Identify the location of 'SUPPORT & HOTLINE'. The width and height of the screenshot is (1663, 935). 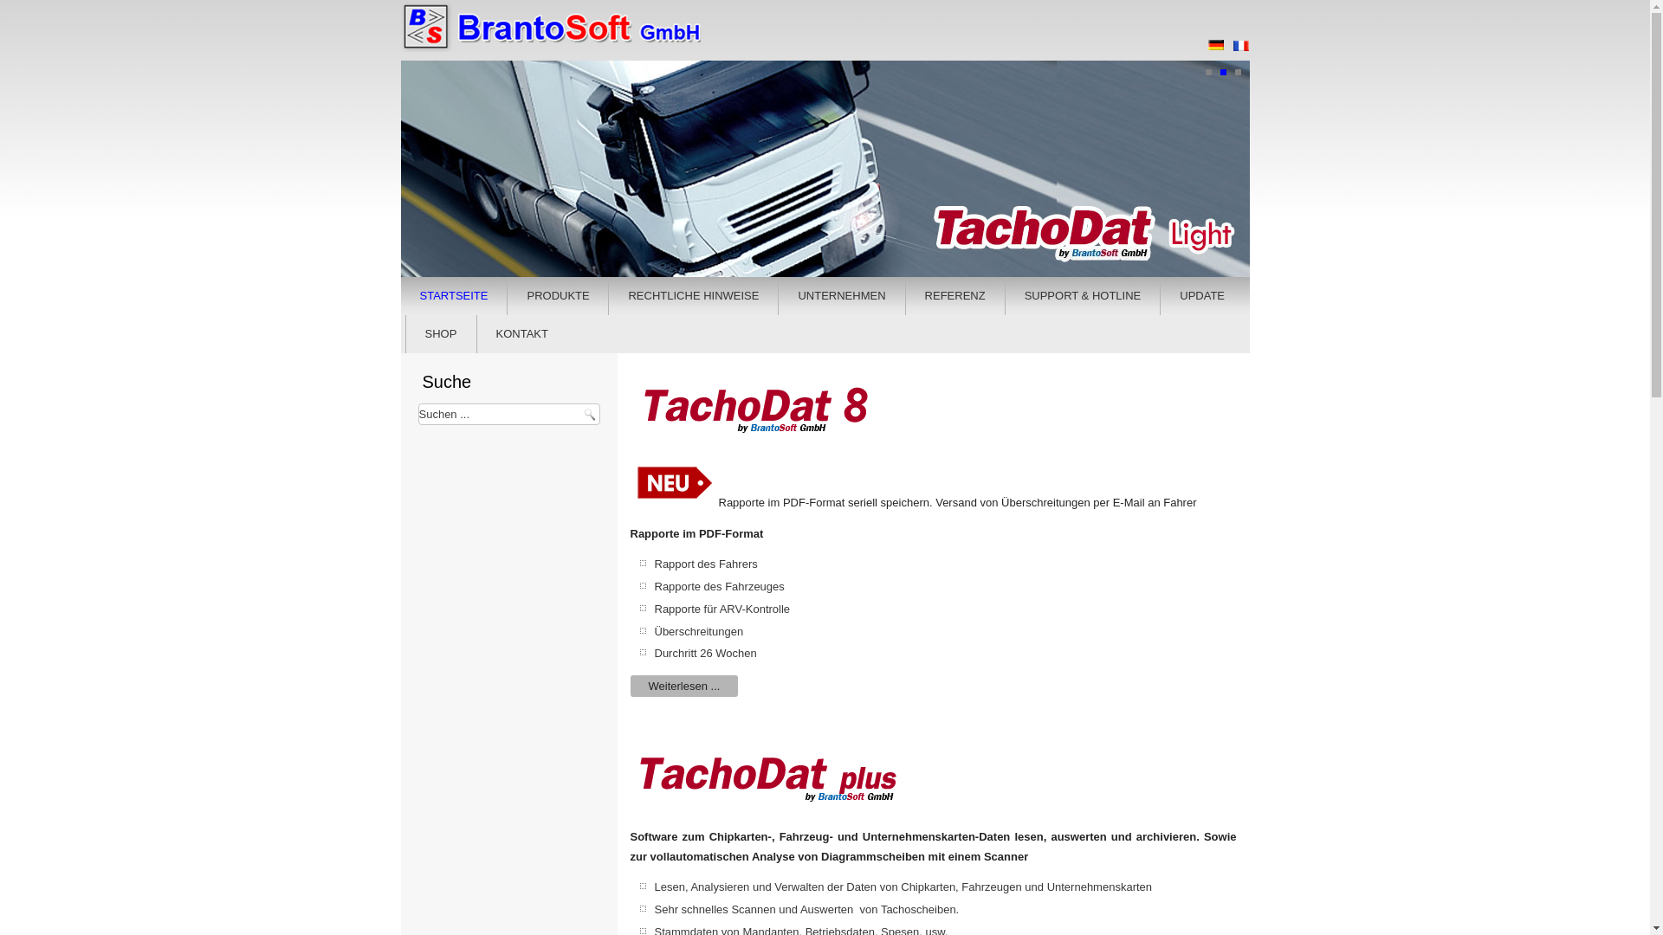
(1082, 295).